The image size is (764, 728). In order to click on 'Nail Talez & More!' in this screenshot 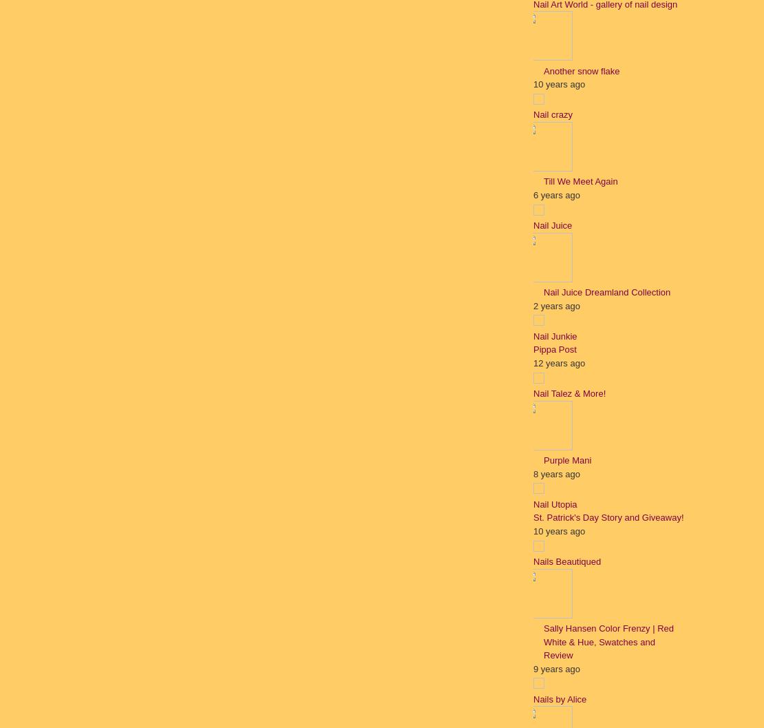, I will do `click(569, 393)`.